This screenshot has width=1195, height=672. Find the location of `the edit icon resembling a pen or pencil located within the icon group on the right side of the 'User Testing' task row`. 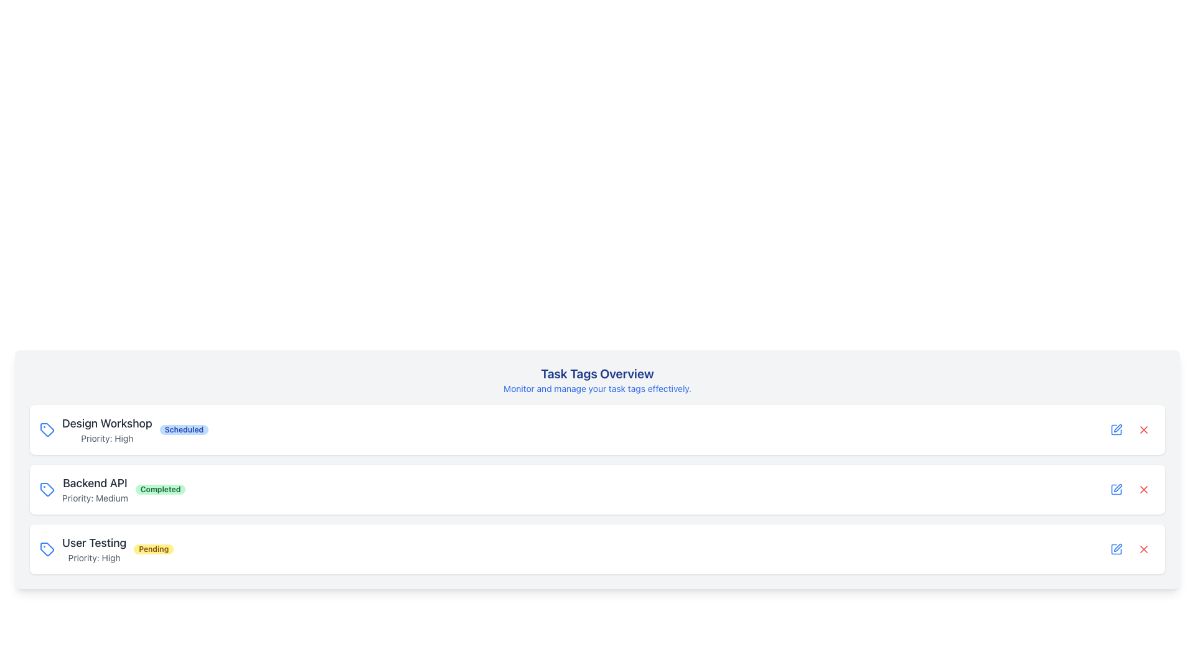

the edit icon resembling a pen or pencil located within the icon group on the right side of the 'User Testing' task row is located at coordinates (1118, 427).